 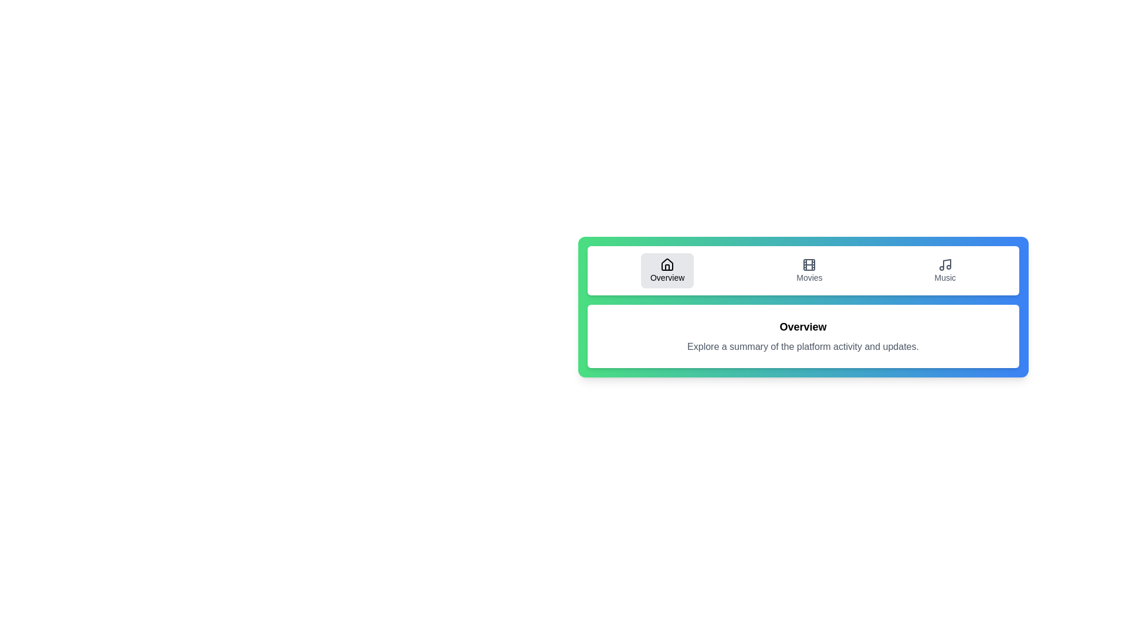 I want to click on the Music tab by clicking on it, so click(x=945, y=271).